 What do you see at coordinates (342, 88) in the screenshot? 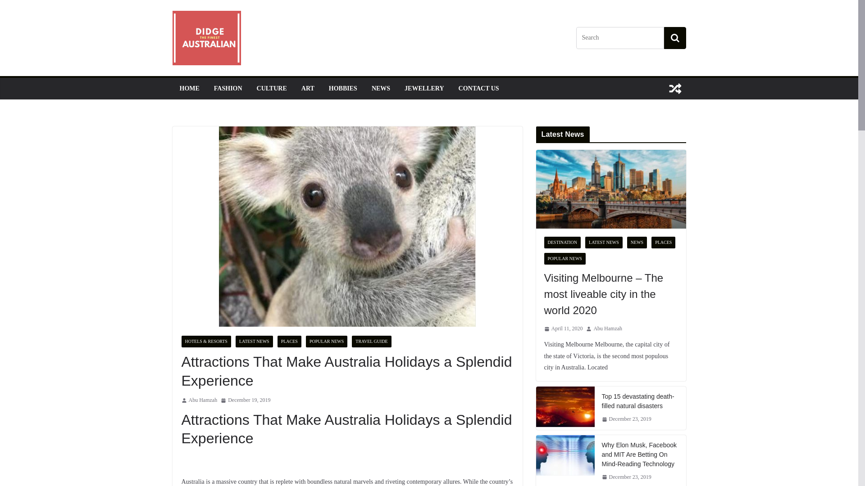
I see `'HOBBIES'` at bounding box center [342, 88].